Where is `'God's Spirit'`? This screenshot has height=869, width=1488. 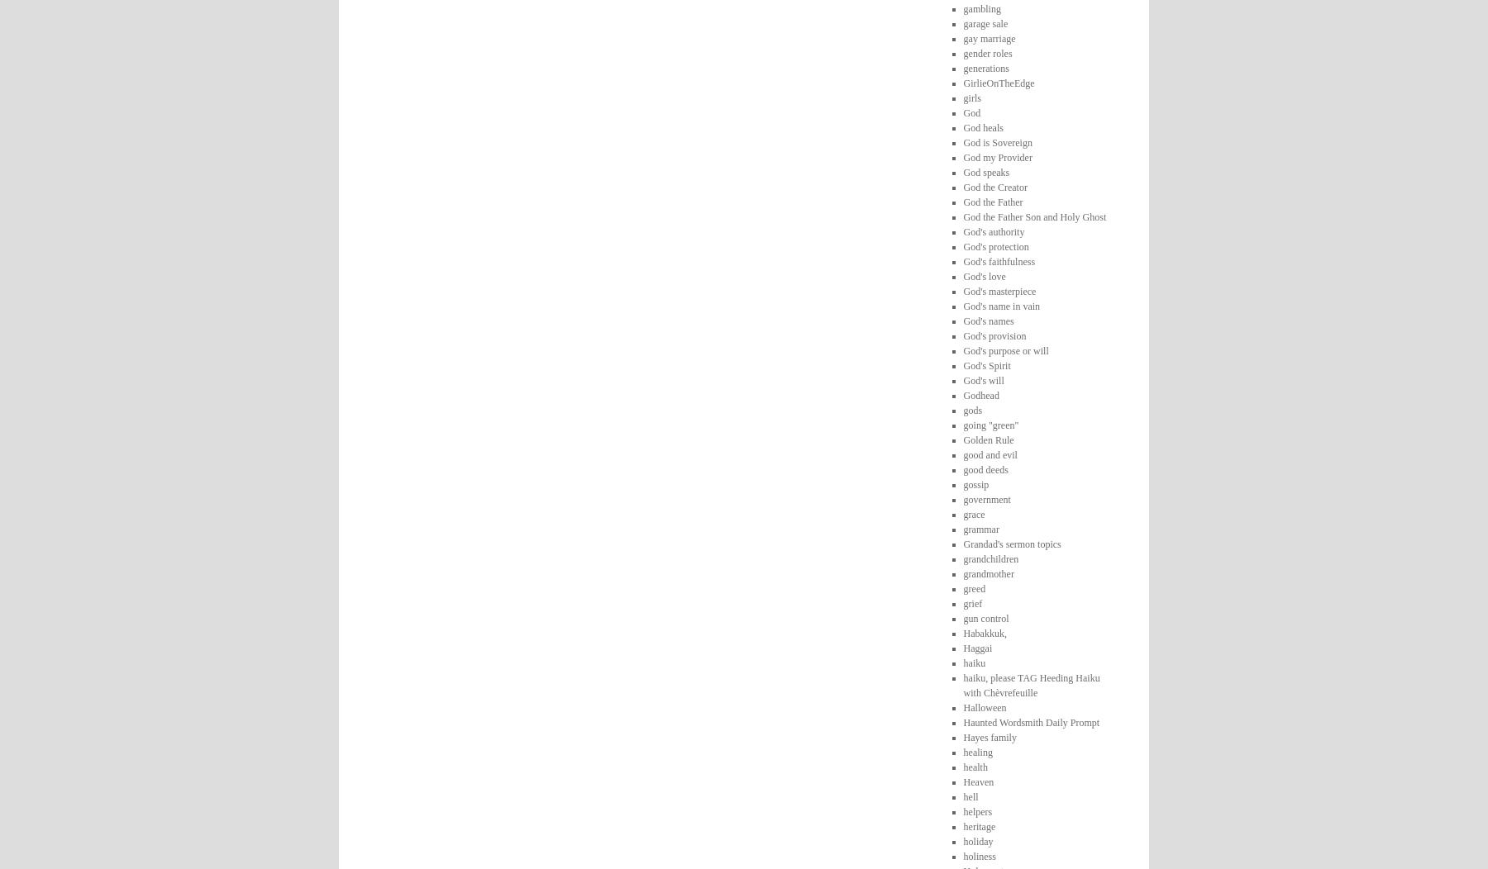 'God's Spirit' is located at coordinates (985, 365).